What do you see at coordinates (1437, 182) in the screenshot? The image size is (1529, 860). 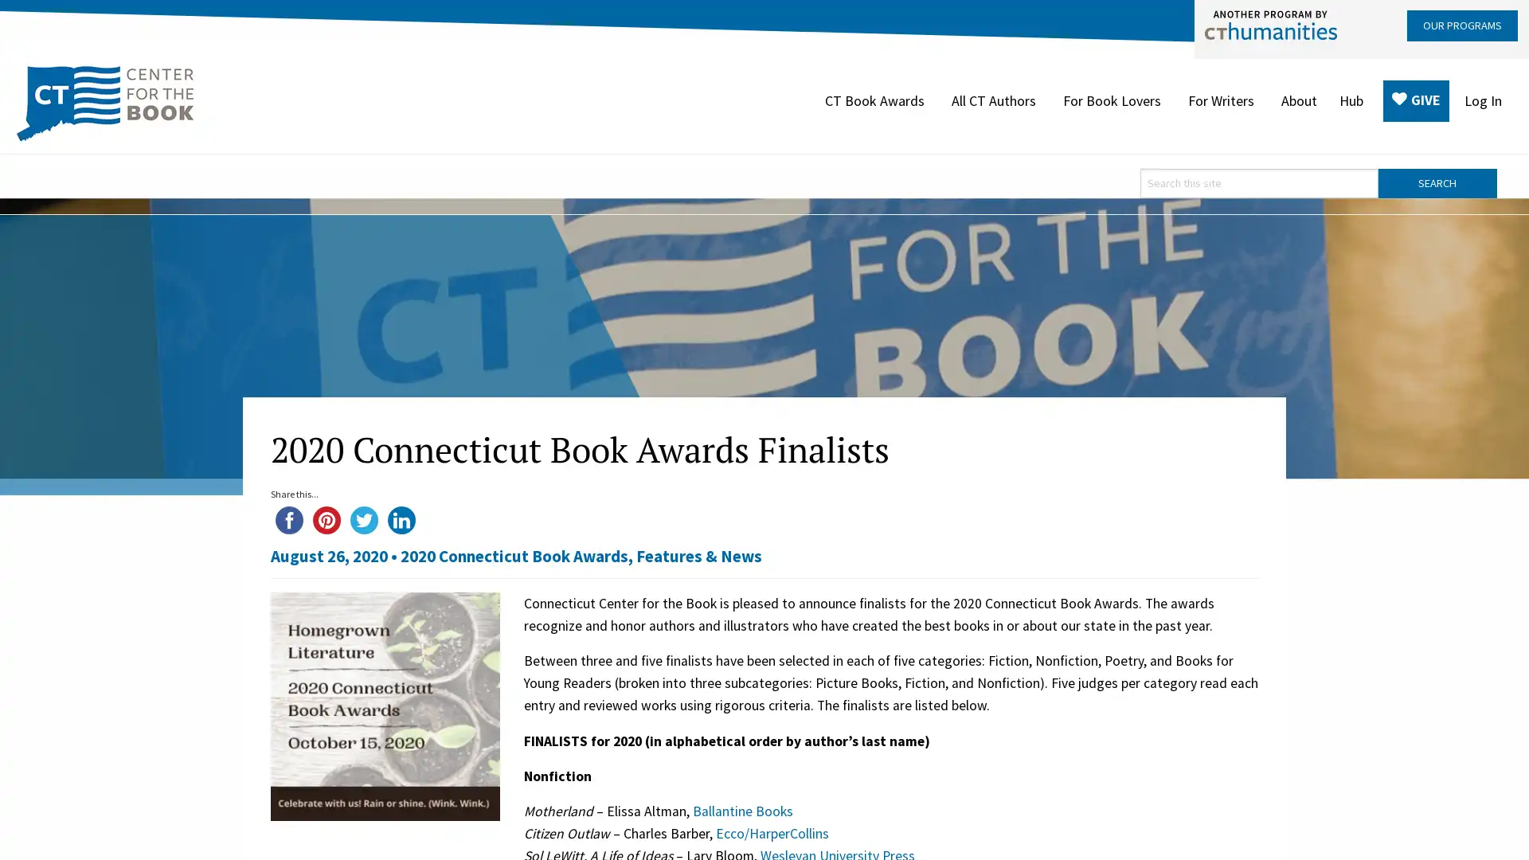 I see `Search` at bounding box center [1437, 182].